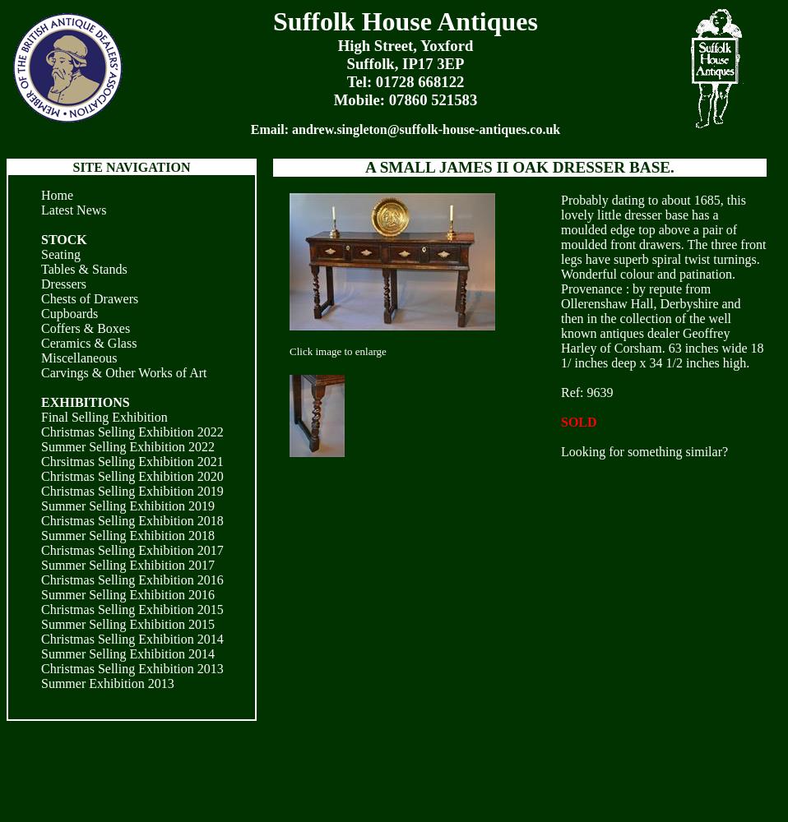 The image size is (788, 822). What do you see at coordinates (131, 475) in the screenshot?
I see `'Christmas Selling Exhibition 2020'` at bounding box center [131, 475].